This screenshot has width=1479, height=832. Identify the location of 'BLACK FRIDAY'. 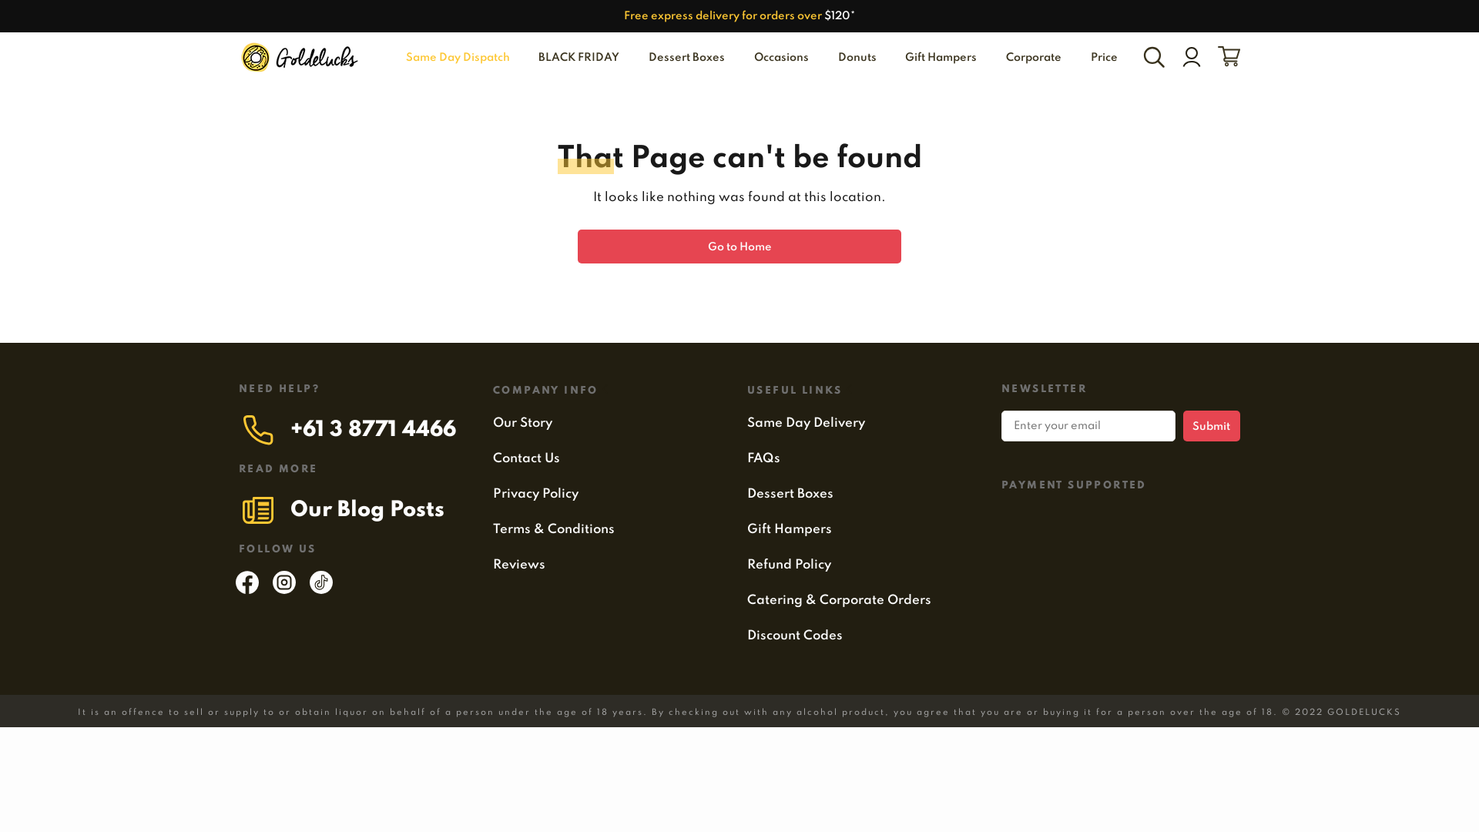
(578, 57).